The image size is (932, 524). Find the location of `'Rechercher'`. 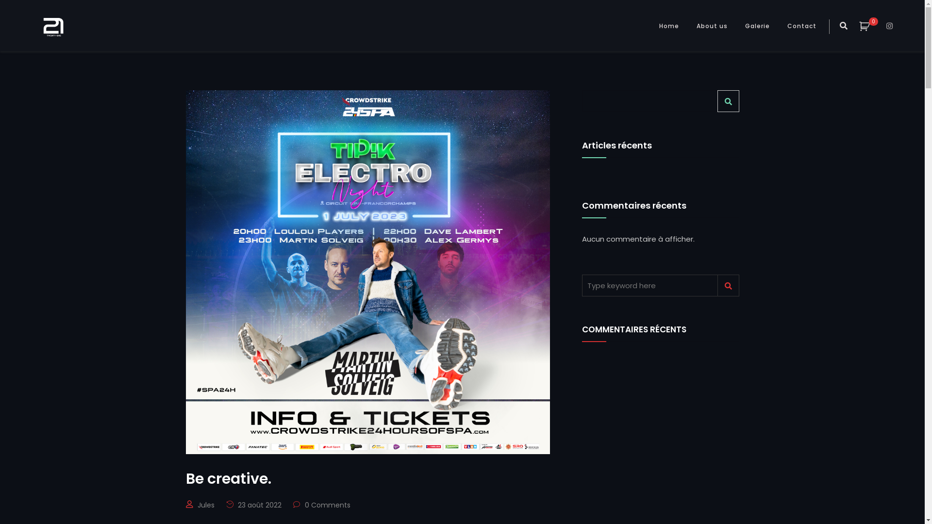

'Rechercher' is located at coordinates (728, 101).